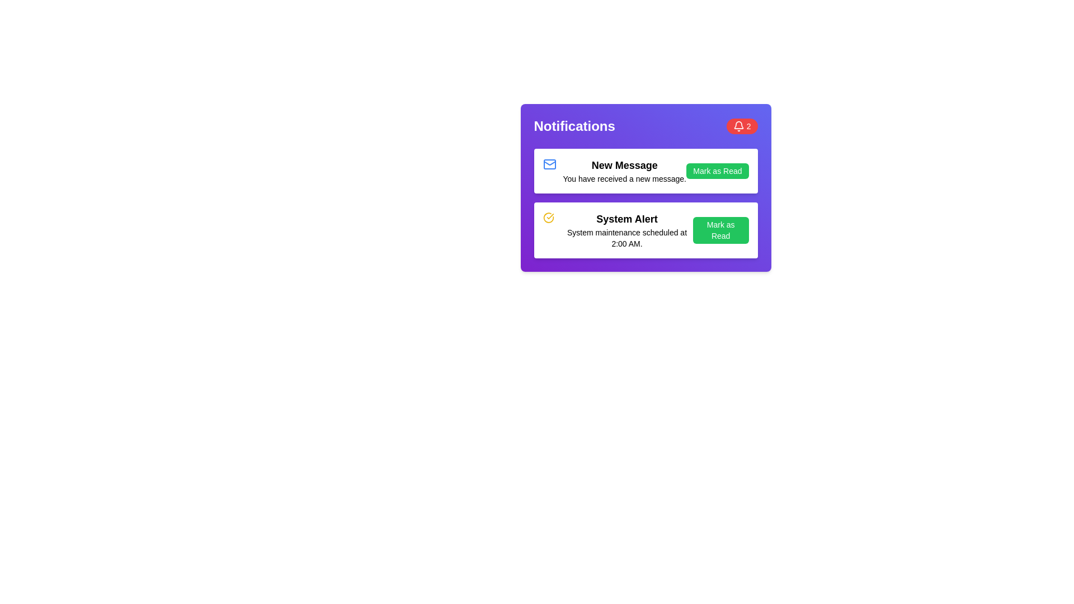  I want to click on the first notification entry in the notifications panel, so click(624, 171).